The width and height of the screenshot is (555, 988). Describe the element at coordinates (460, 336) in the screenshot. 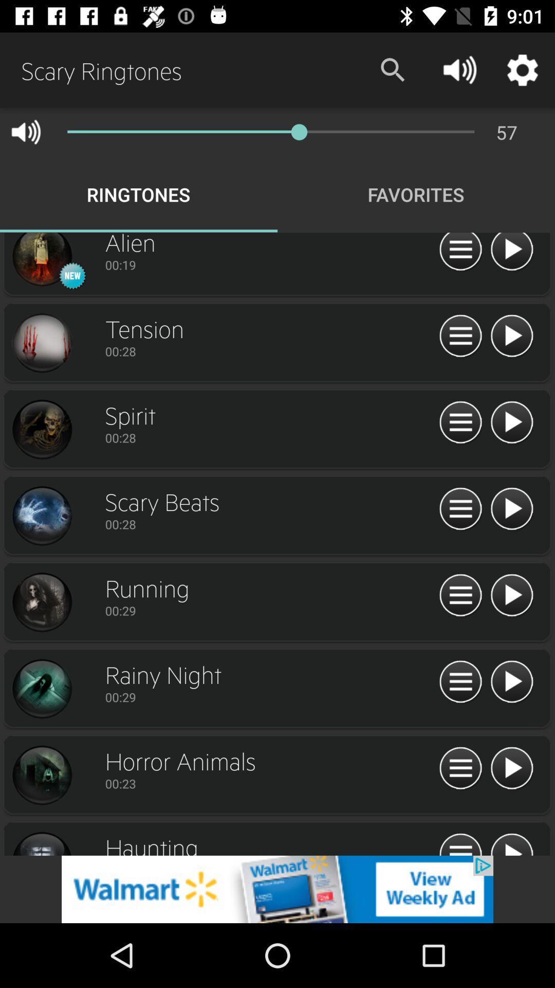

I see `menu button` at that location.